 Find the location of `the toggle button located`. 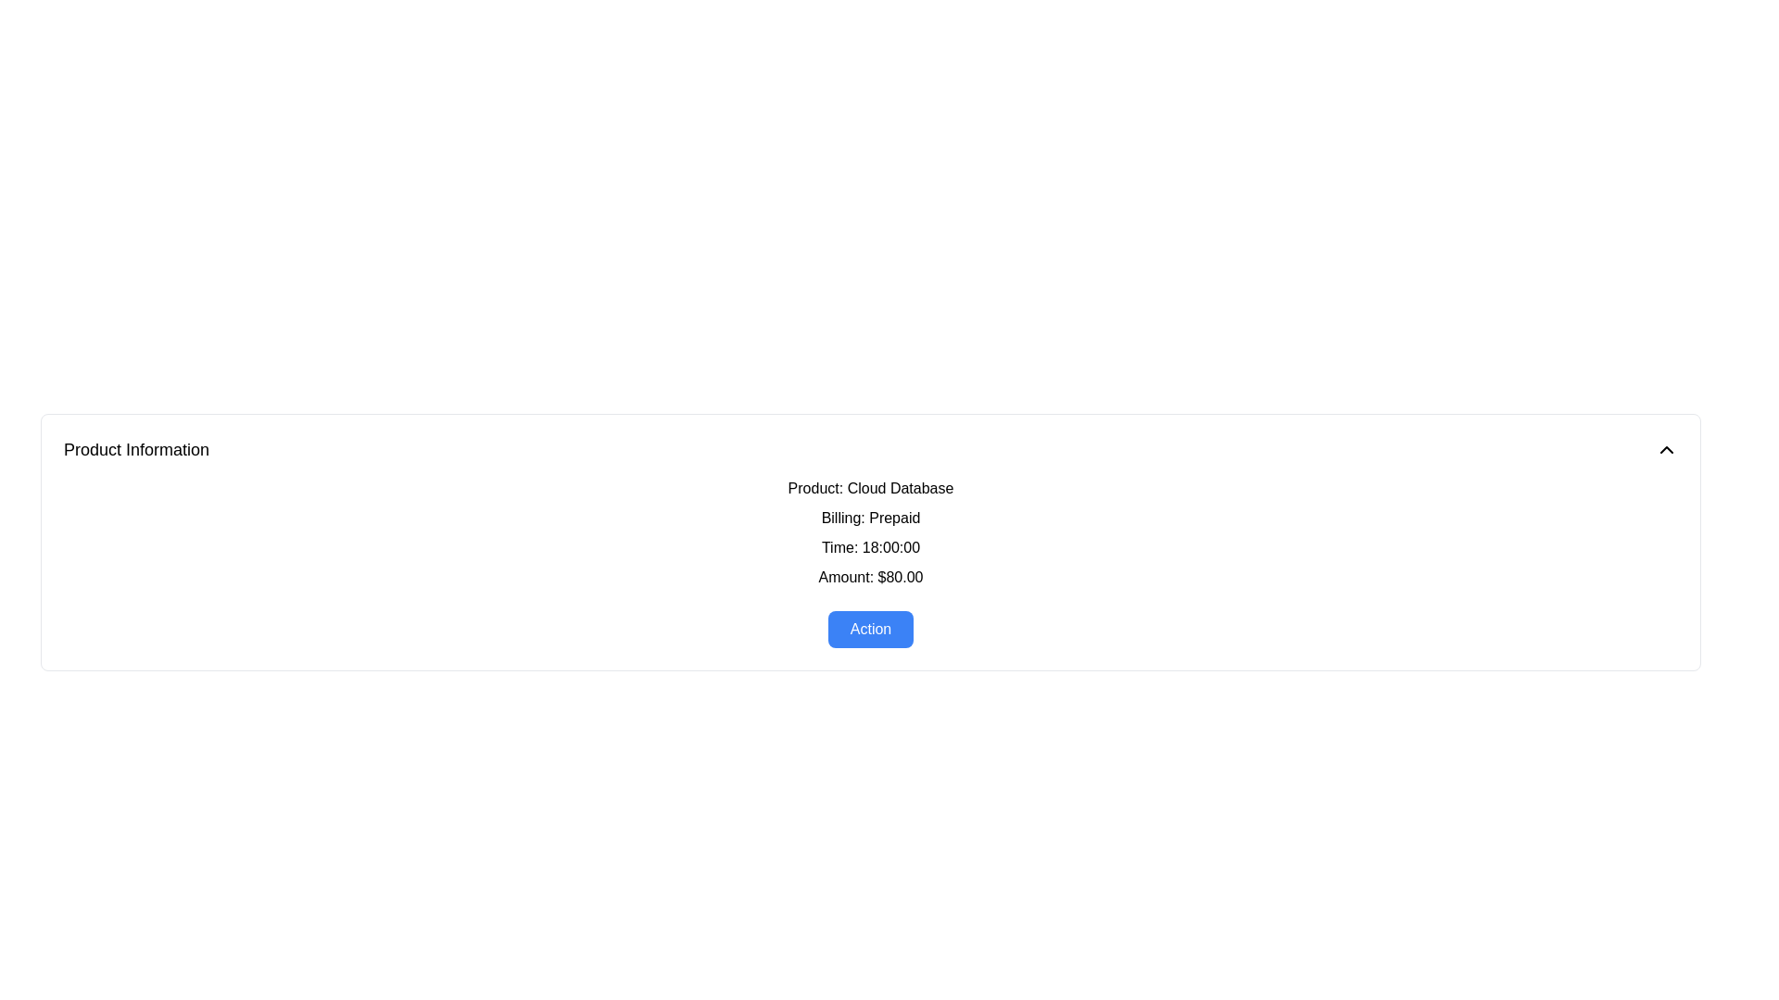

the toggle button located is located at coordinates (1667, 450).